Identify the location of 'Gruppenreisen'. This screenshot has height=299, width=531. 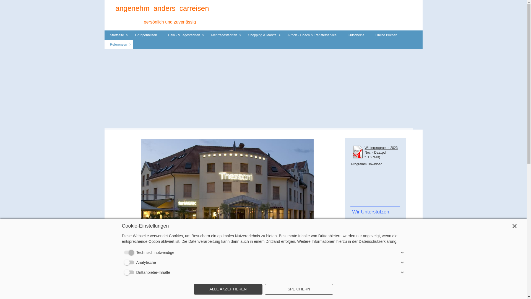
(146, 35).